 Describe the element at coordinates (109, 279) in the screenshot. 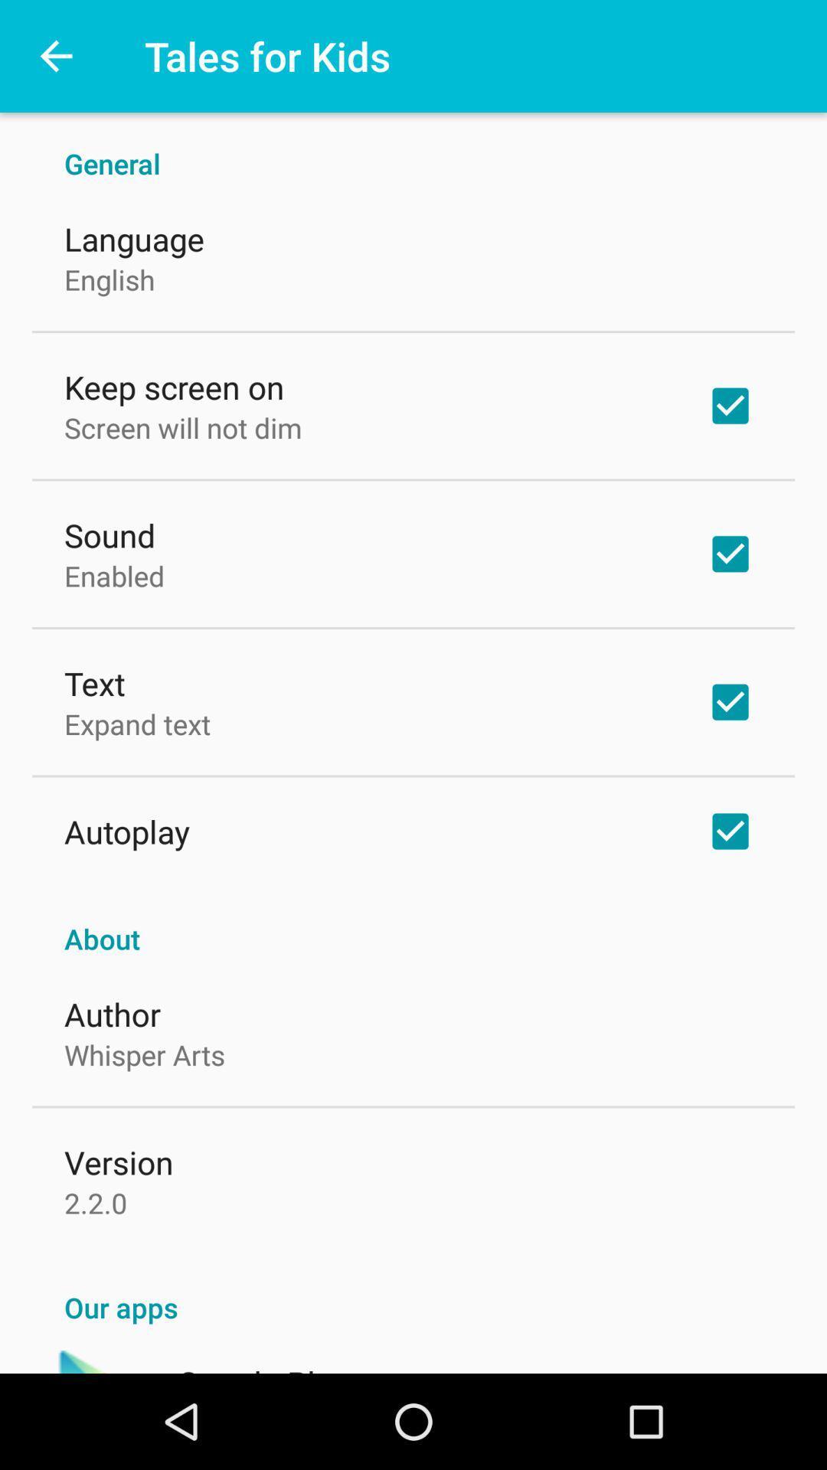

I see `the english` at that location.